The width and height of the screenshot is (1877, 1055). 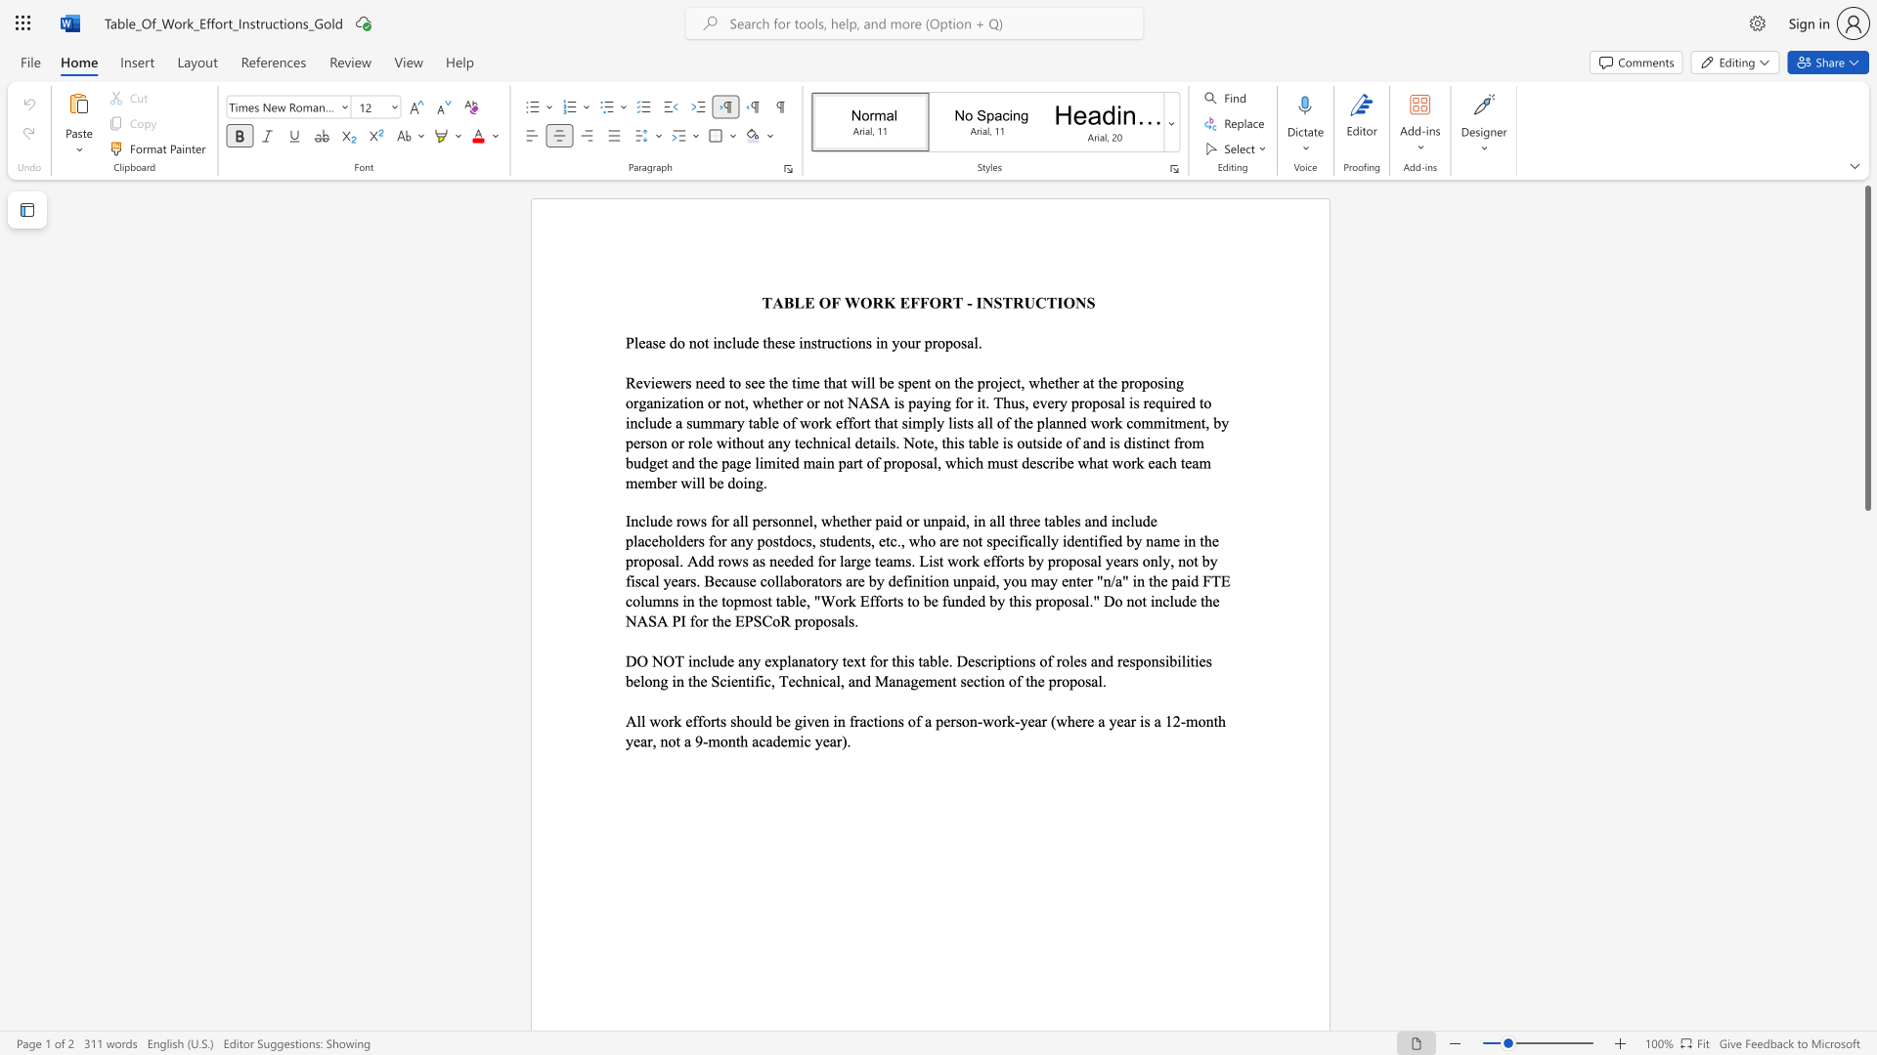 I want to click on the scrollbar on the right to shift the page lower, so click(x=1866, y=575).